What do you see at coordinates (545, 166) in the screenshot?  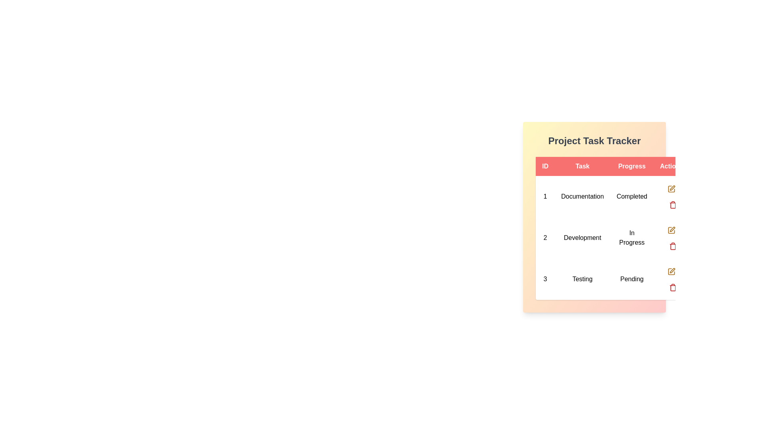 I see `the column header ID to inspect it` at bounding box center [545, 166].